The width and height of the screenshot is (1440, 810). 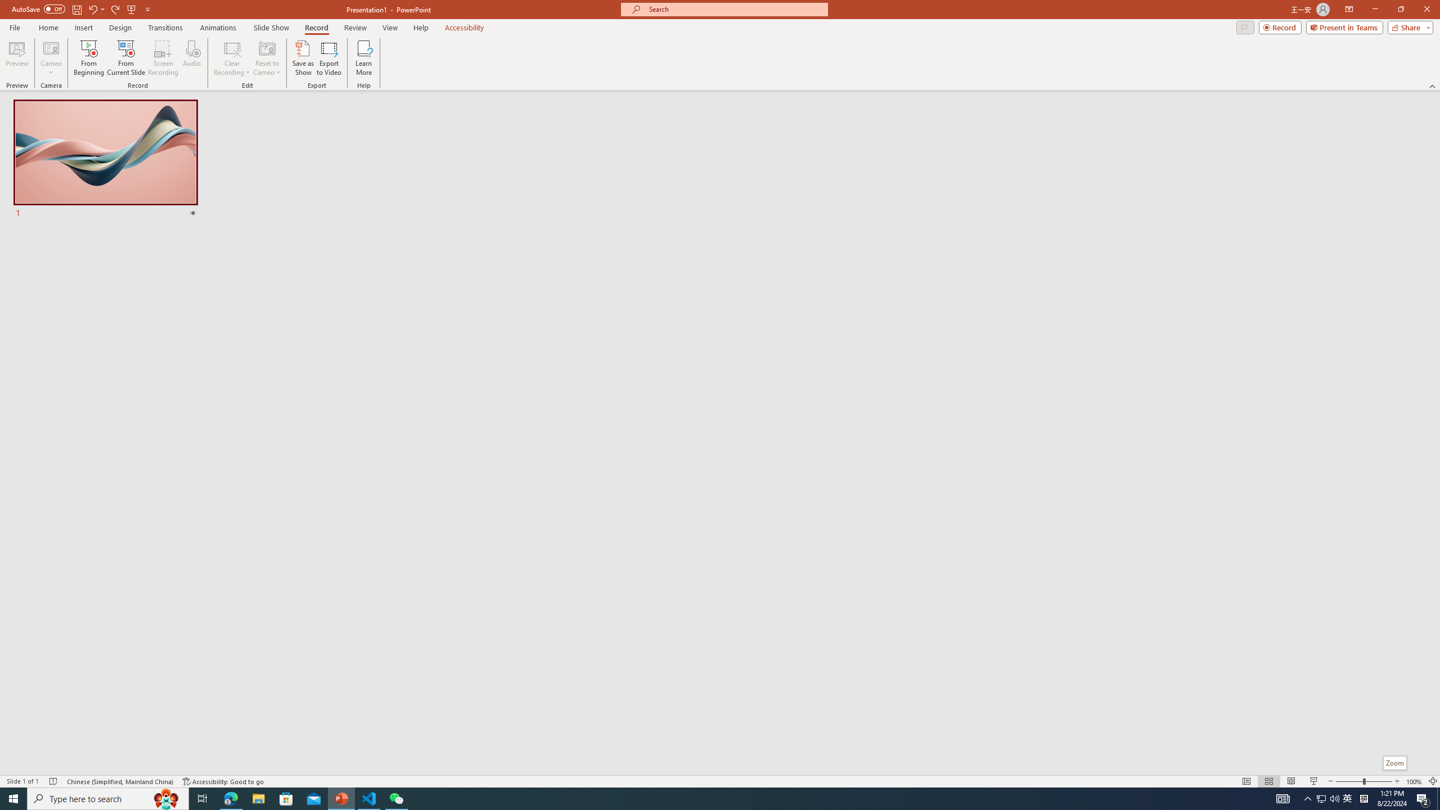 What do you see at coordinates (16, 58) in the screenshot?
I see `'Preview'` at bounding box center [16, 58].